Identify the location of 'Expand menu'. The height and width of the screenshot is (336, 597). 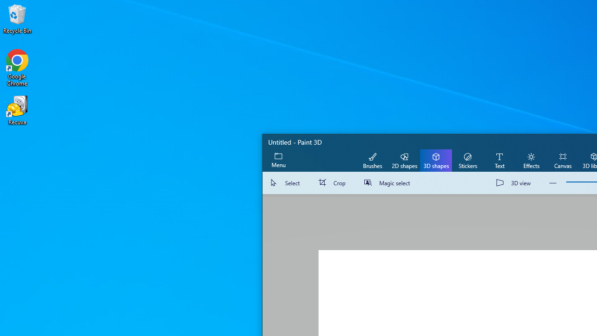
(278, 160).